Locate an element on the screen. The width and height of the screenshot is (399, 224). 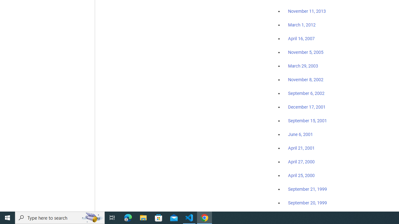
'April 25, 2000' is located at coordinates (301, 175).